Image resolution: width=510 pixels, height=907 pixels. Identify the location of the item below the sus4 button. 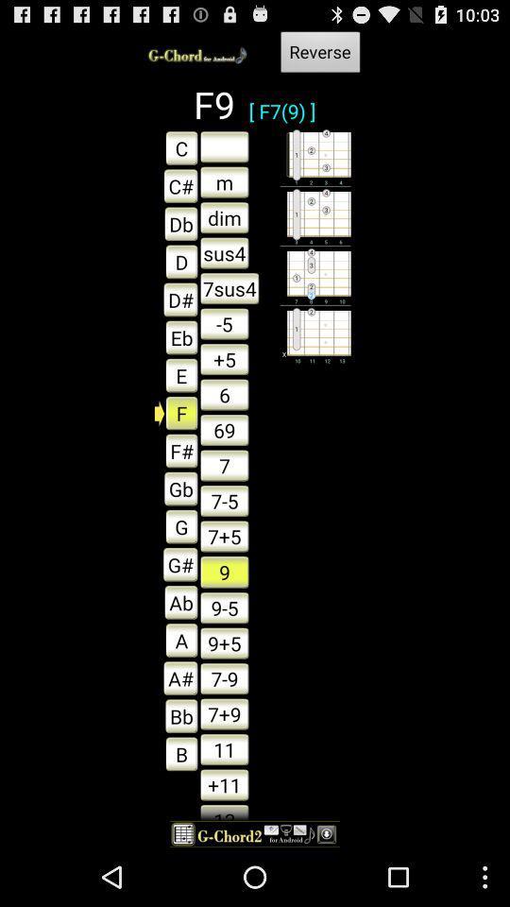
(229, 288).